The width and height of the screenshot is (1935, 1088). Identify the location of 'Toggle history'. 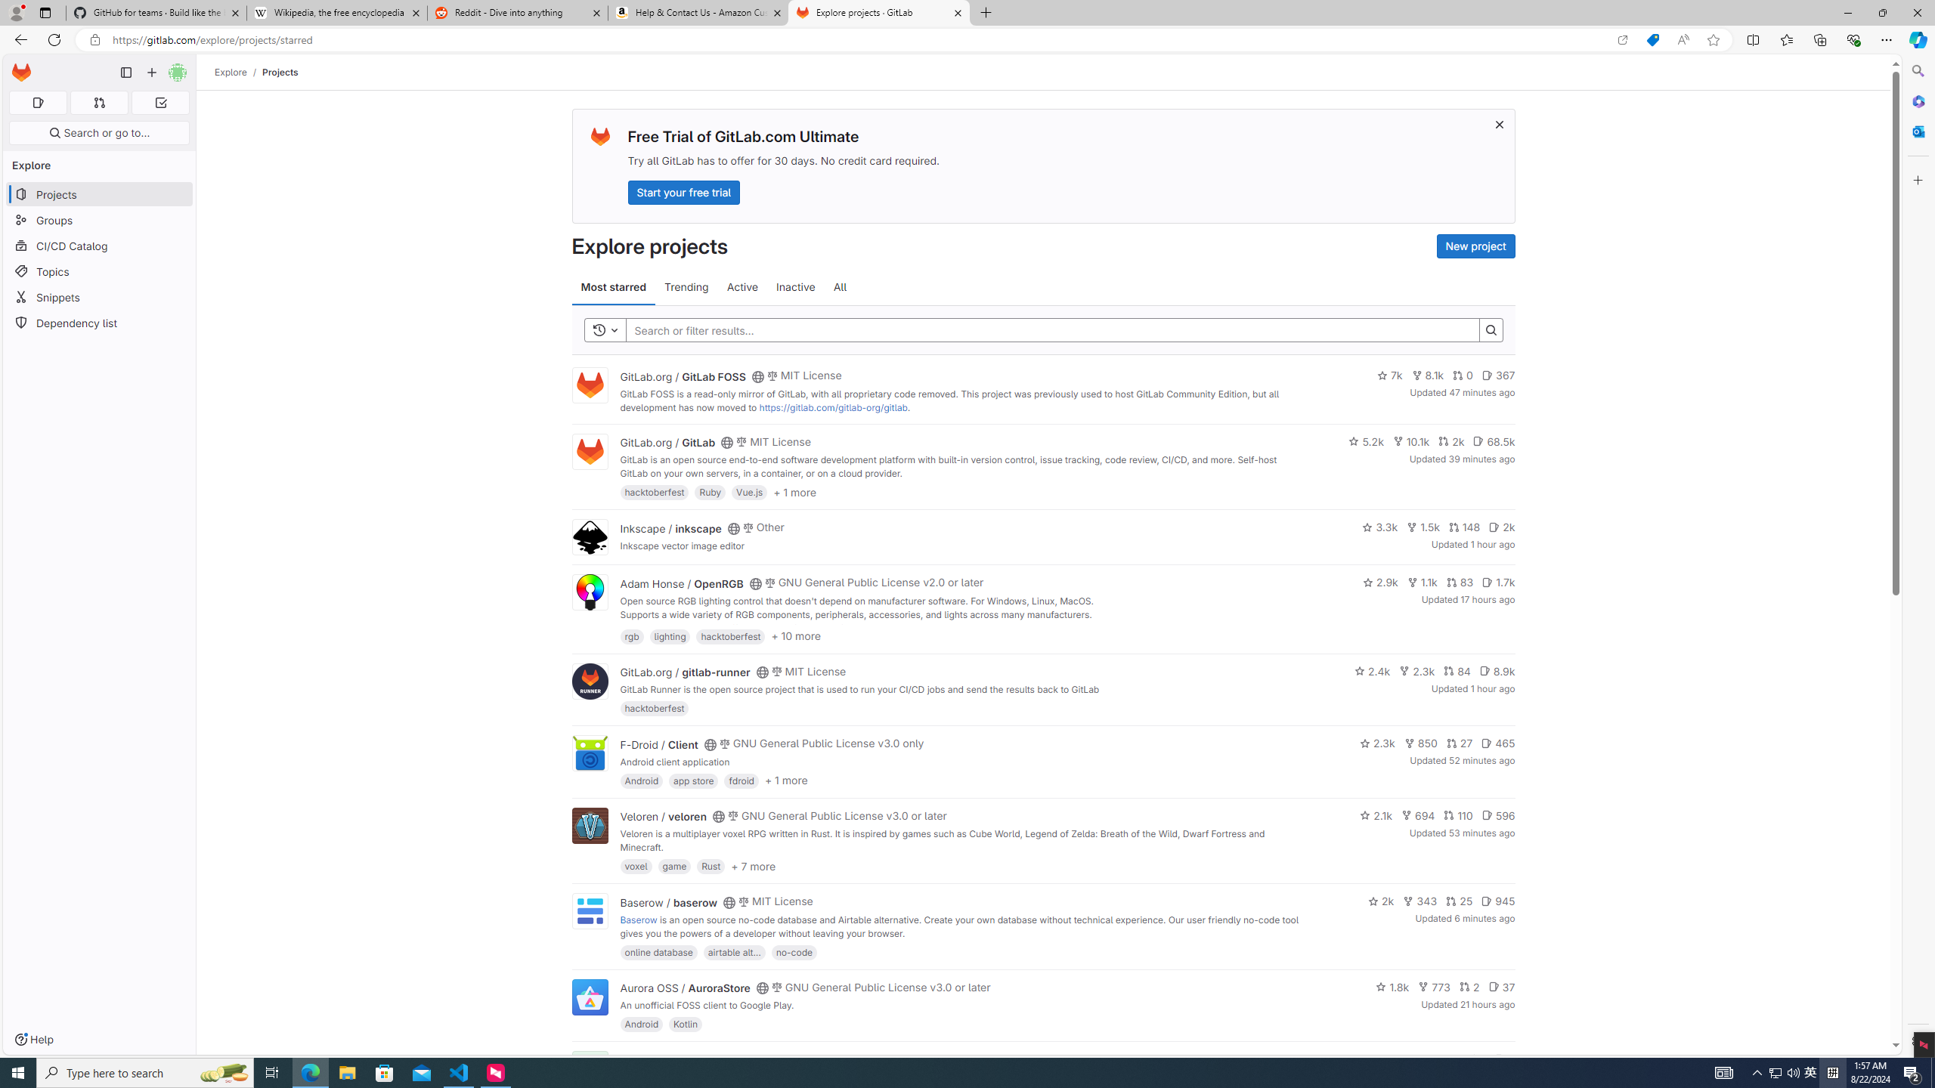
(605, 329).